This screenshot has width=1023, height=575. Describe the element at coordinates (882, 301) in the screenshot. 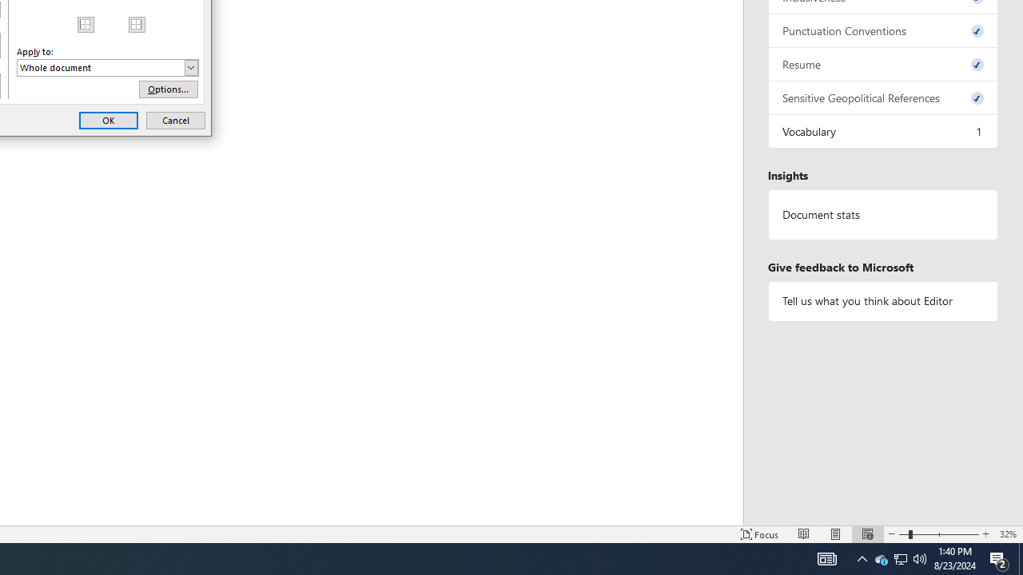

I see `'Tell us what you think about Editor'` at that location.